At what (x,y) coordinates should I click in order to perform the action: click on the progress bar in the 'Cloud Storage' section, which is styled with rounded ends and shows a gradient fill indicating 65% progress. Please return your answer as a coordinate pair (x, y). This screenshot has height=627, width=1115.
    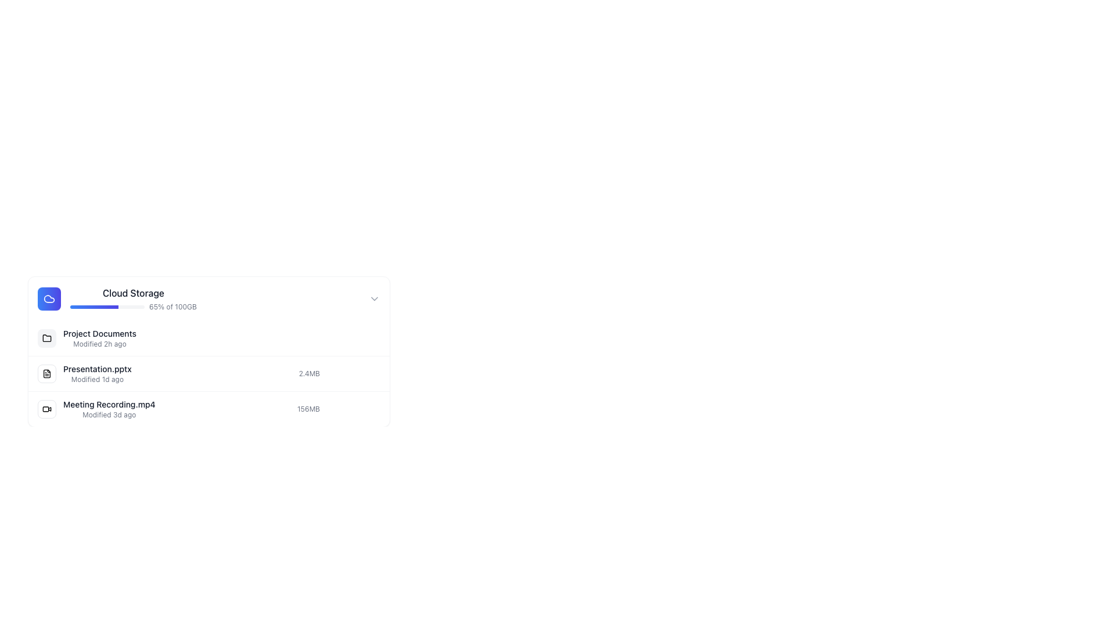
    Looking at the image, I should click on (107, 306).